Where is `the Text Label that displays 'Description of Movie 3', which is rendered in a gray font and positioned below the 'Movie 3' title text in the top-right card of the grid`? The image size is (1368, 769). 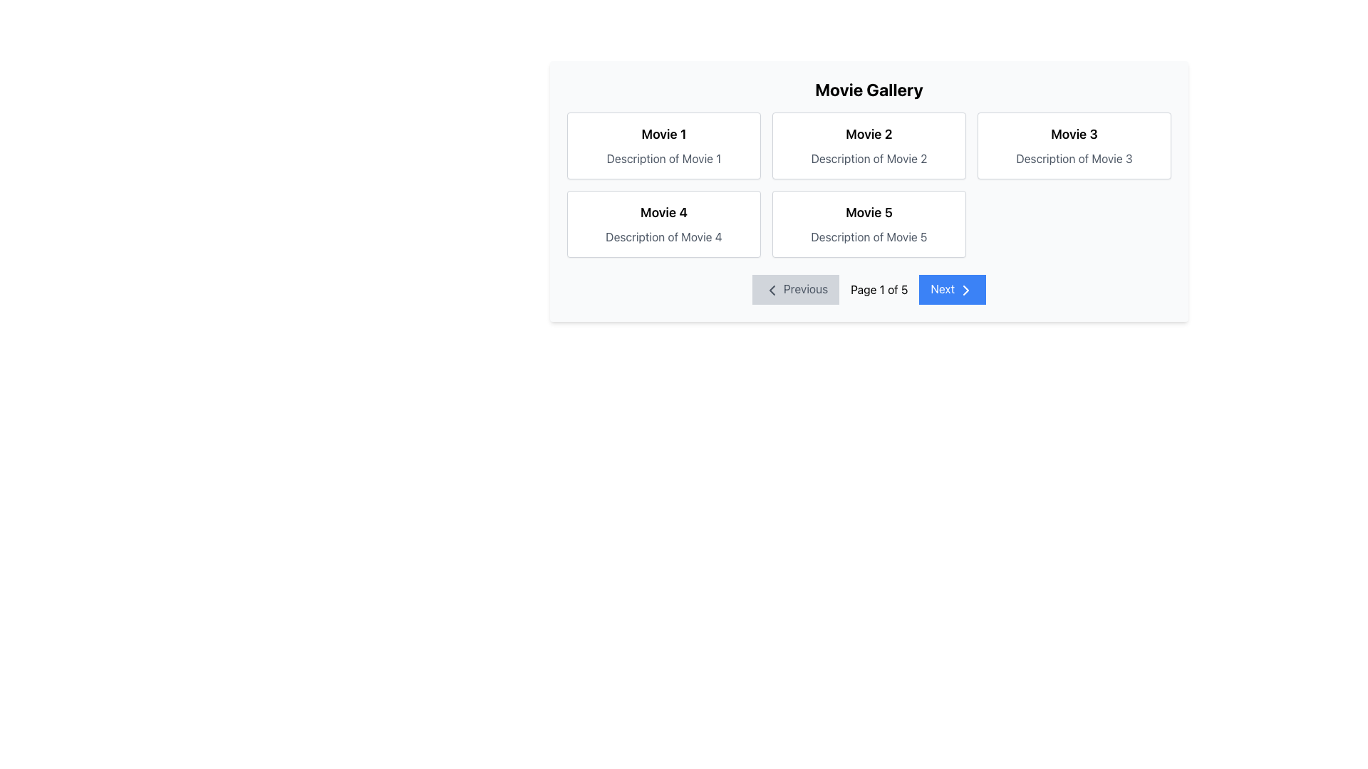
the Text Label that displays 'Description of Movie 3', which is rendered in a gray font and positioned below the 'Movie 3' title text in the top-right card of the grid is located at coordinates (1074, 159).